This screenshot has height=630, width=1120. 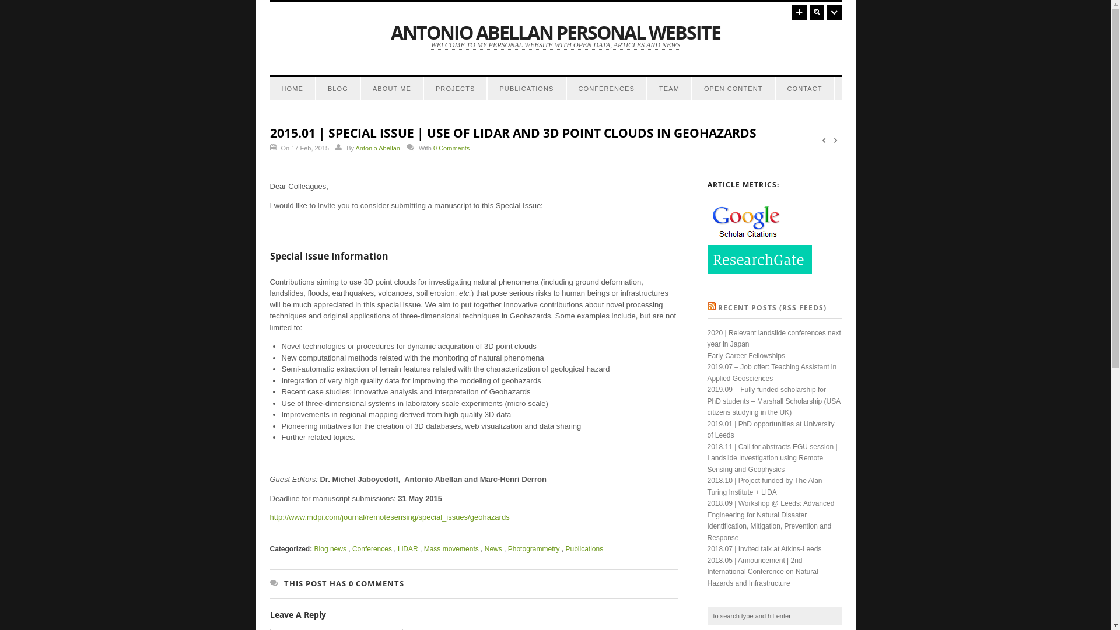 What do you see at coordinates (392, 87) in the screenshot?
I see `'ABOUT ME'` at bounding box center [392, 87].